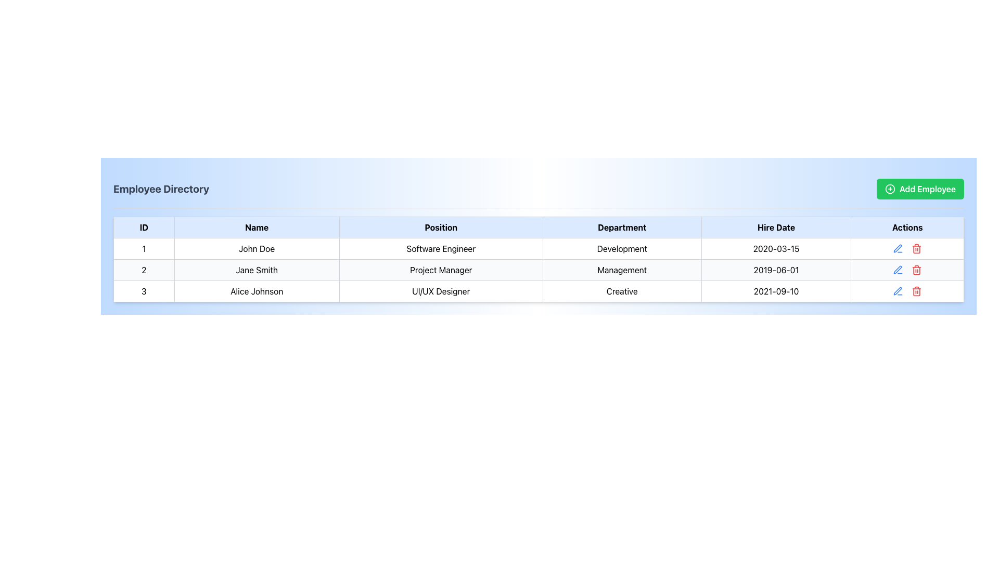  I want to click on the text element displaying the name of an individual, located in the second cell of the first row under the 'Name' column in the database table, so click(257, 248).